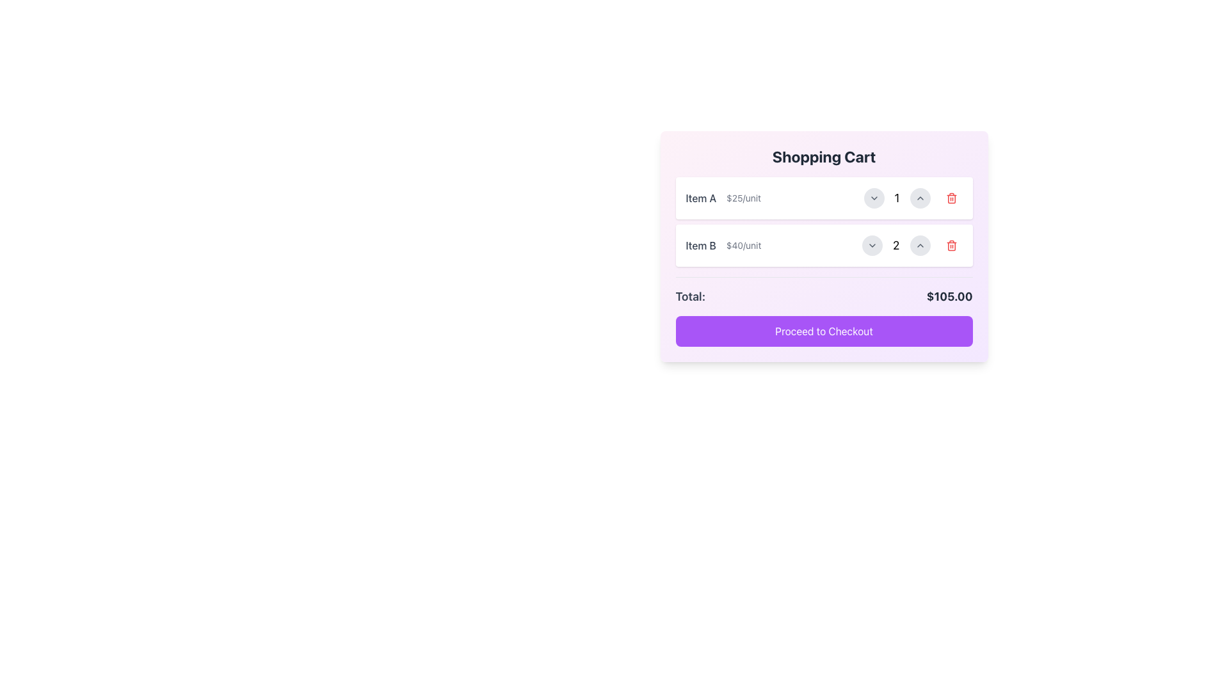 The width and height of the screenshot is (1229, 691). I want to click on the text label element displaying 'Item A' in the shopping cart interface, which is styled in bold gray font and positioned to the left of the price information, so click(700, 198).